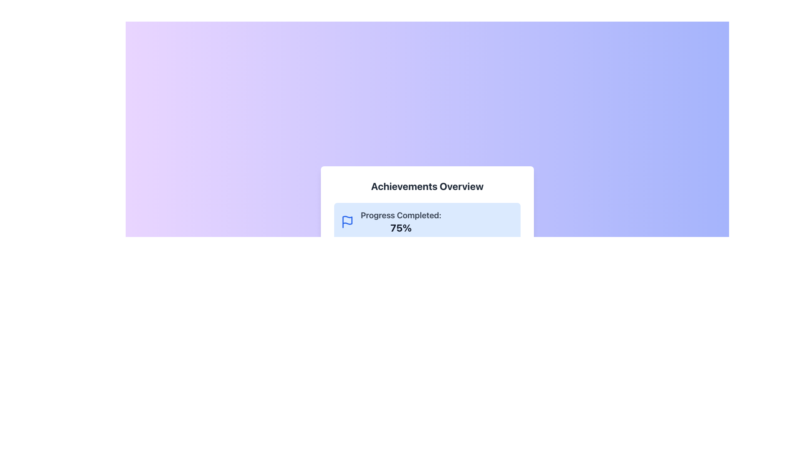  What do you see at coordinates (427, 221) in the screenshot?
I see `displayed information from the Status display box, which shows 'Progress Completed: 75%' with a light blue background and a flag icon` at bounding box center [427, 221].